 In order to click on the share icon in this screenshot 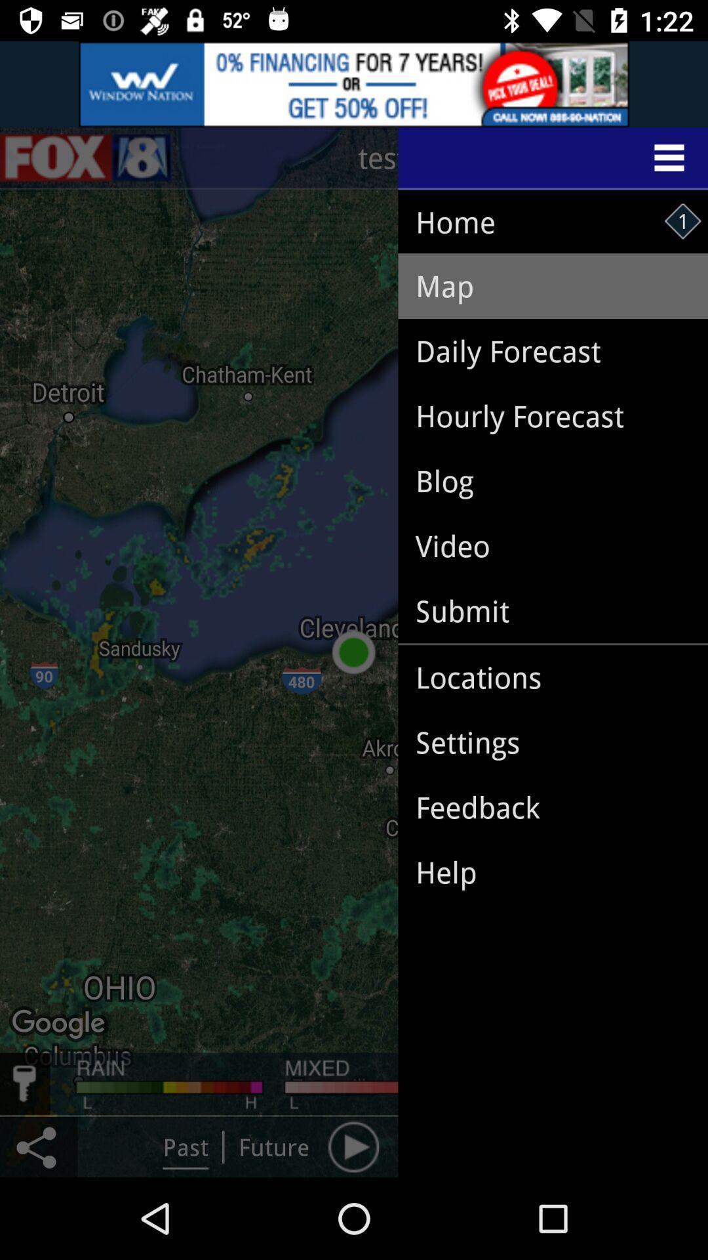, I will do `click(38, 1146)`.